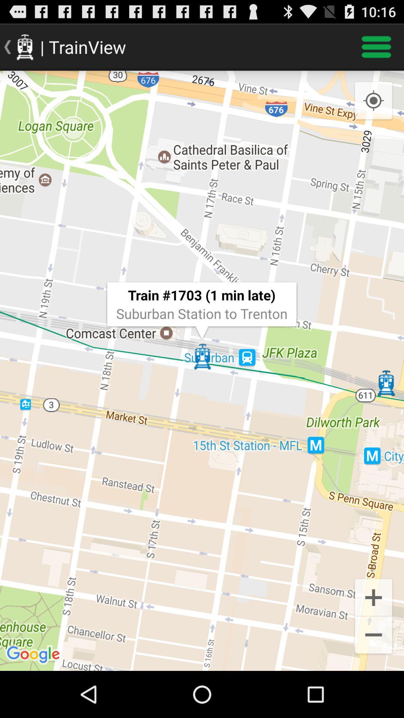 The width and height of the screenshot is (404, 718). I want to click on the location_crosshair icon, so click(373, 108).